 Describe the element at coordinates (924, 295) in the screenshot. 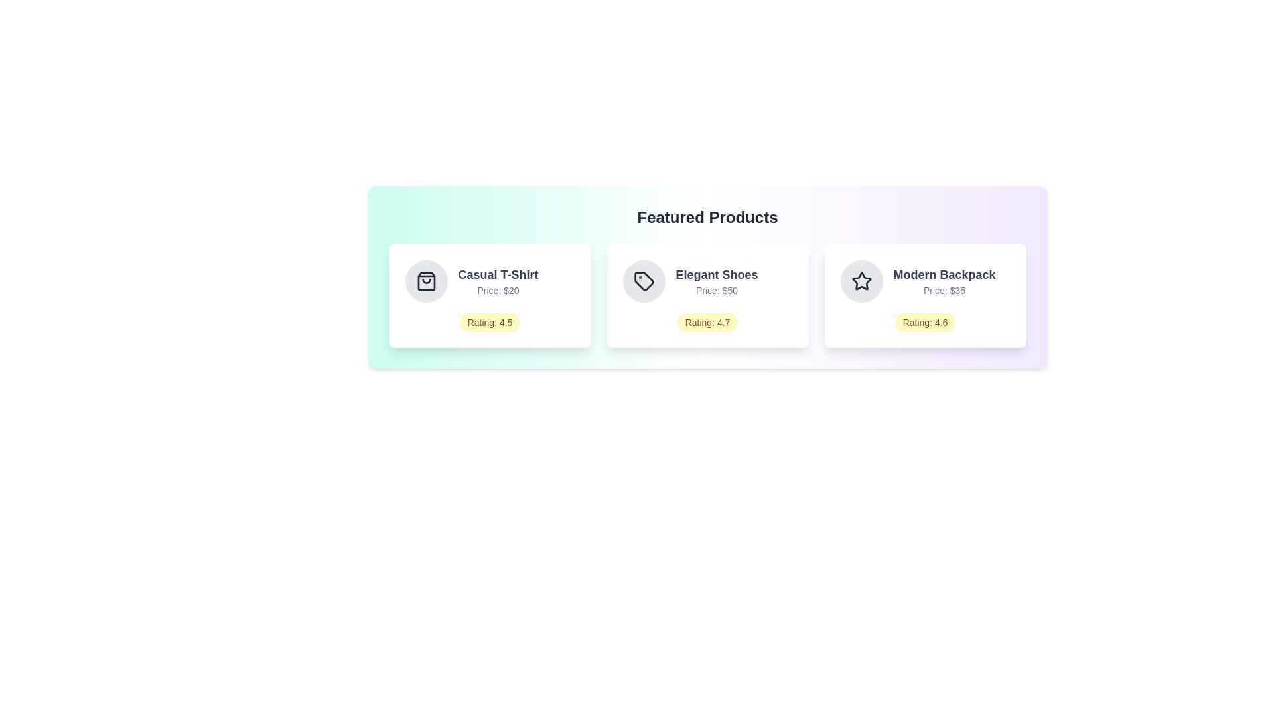

I see `the product card for Modern Backpack` at that location.